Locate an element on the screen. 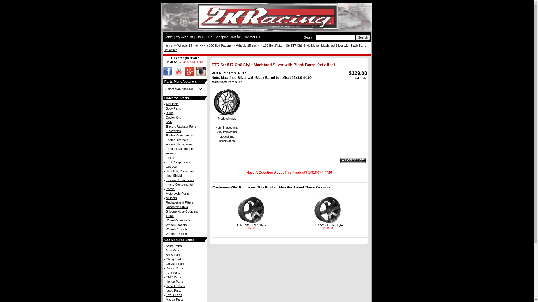 The width and height of the screenshot is (538, 302). 'Motorcycle Parts' is located at coordinates (177, 193).